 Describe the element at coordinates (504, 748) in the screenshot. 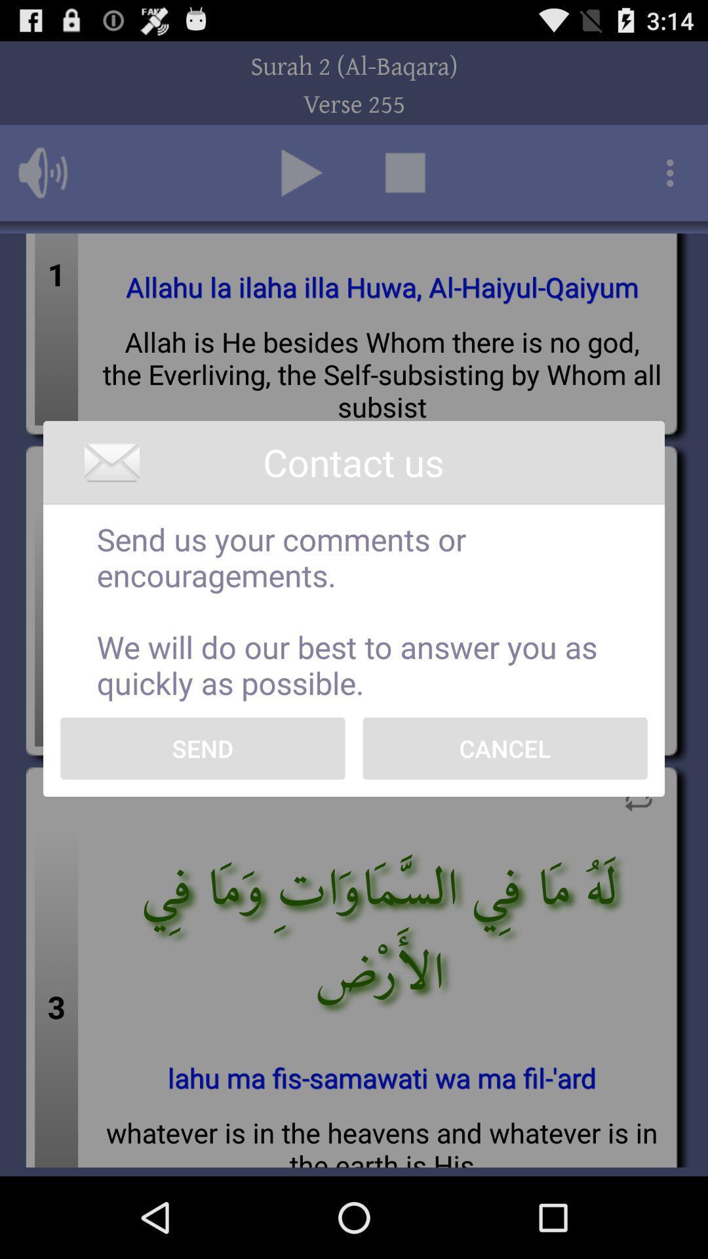

I see `the cancel` at that location.